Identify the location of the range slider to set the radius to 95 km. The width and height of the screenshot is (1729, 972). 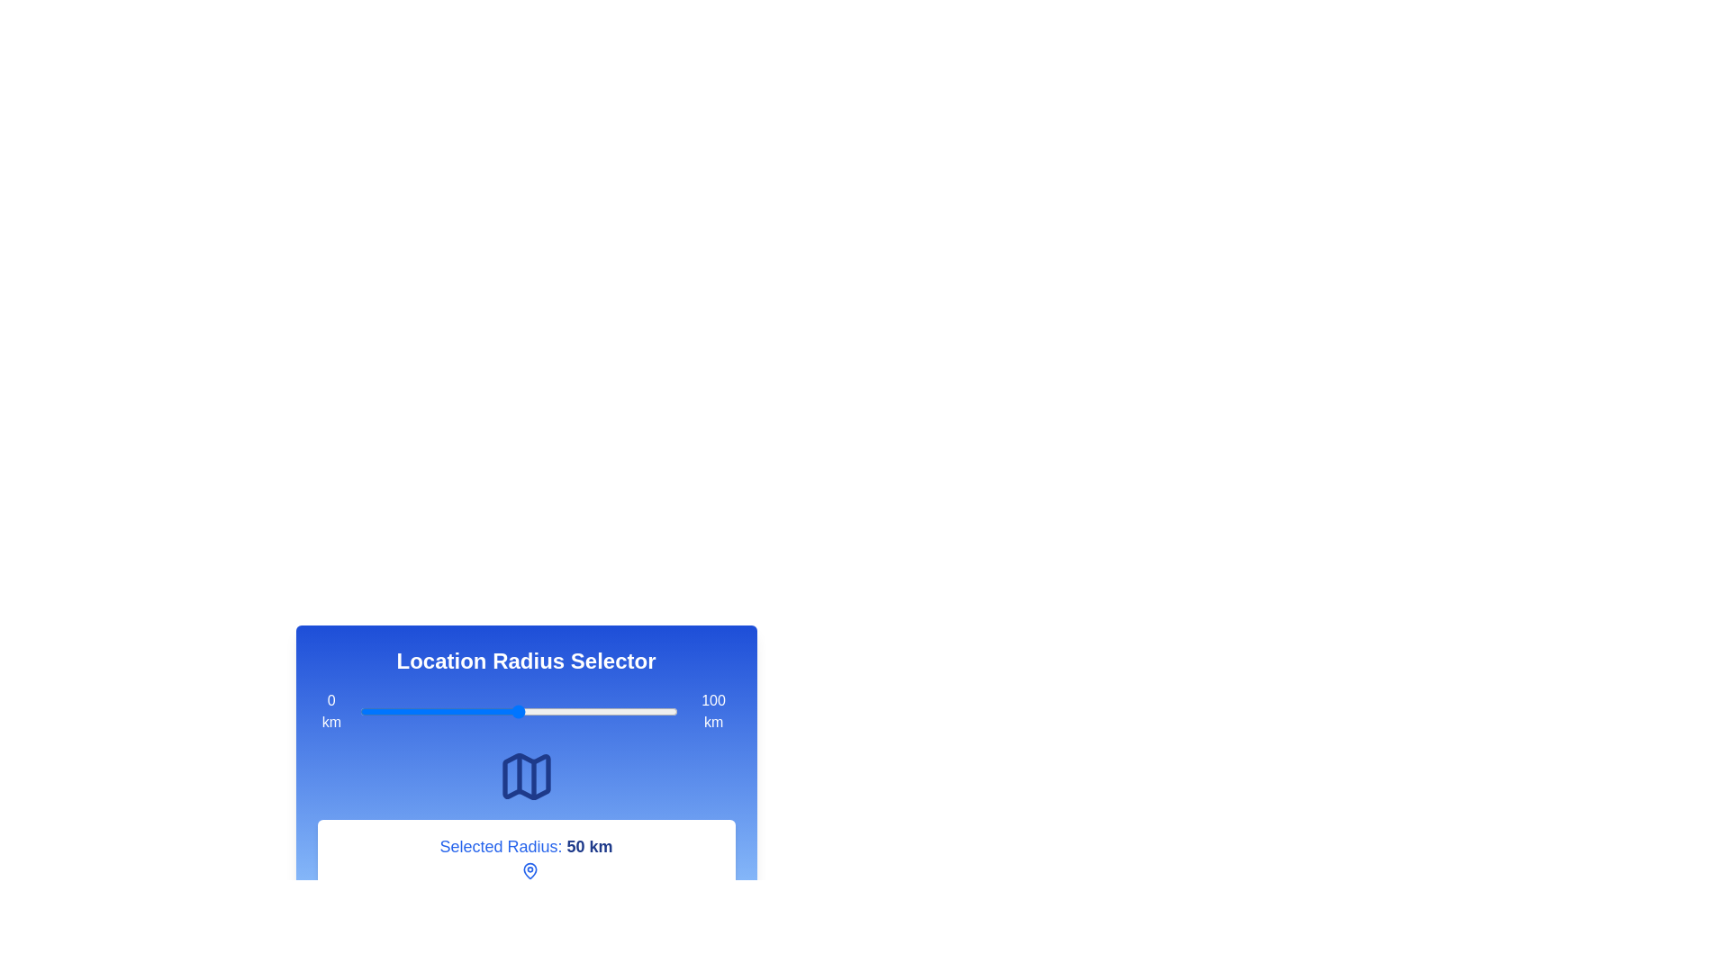
(660, 710).